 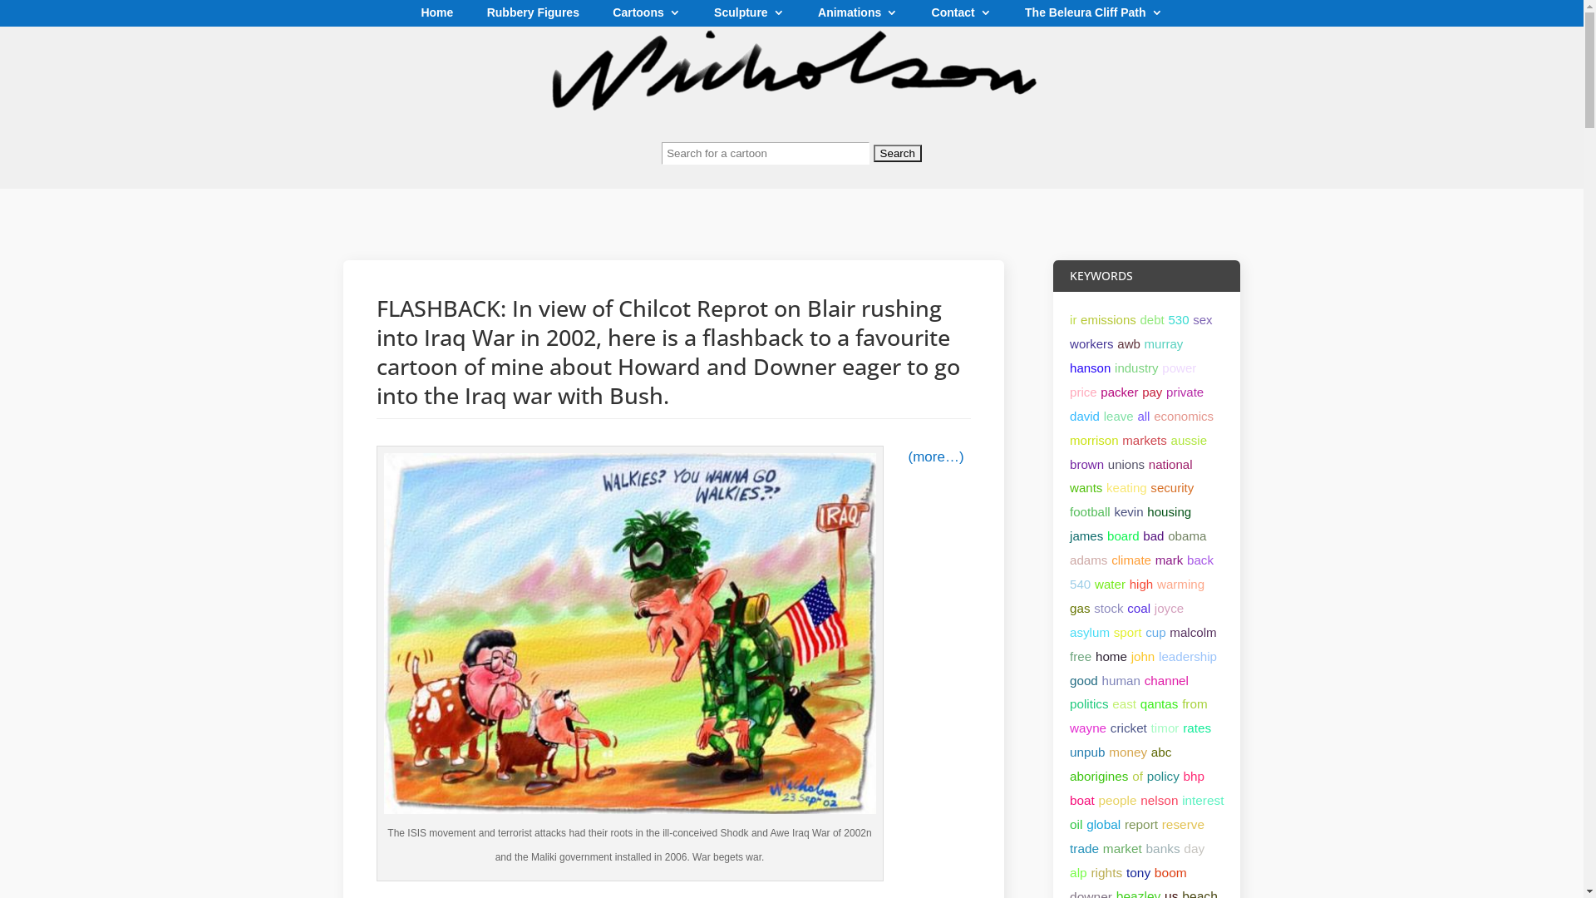 I want to click on 'unpub', so click(x=1069, y=752).